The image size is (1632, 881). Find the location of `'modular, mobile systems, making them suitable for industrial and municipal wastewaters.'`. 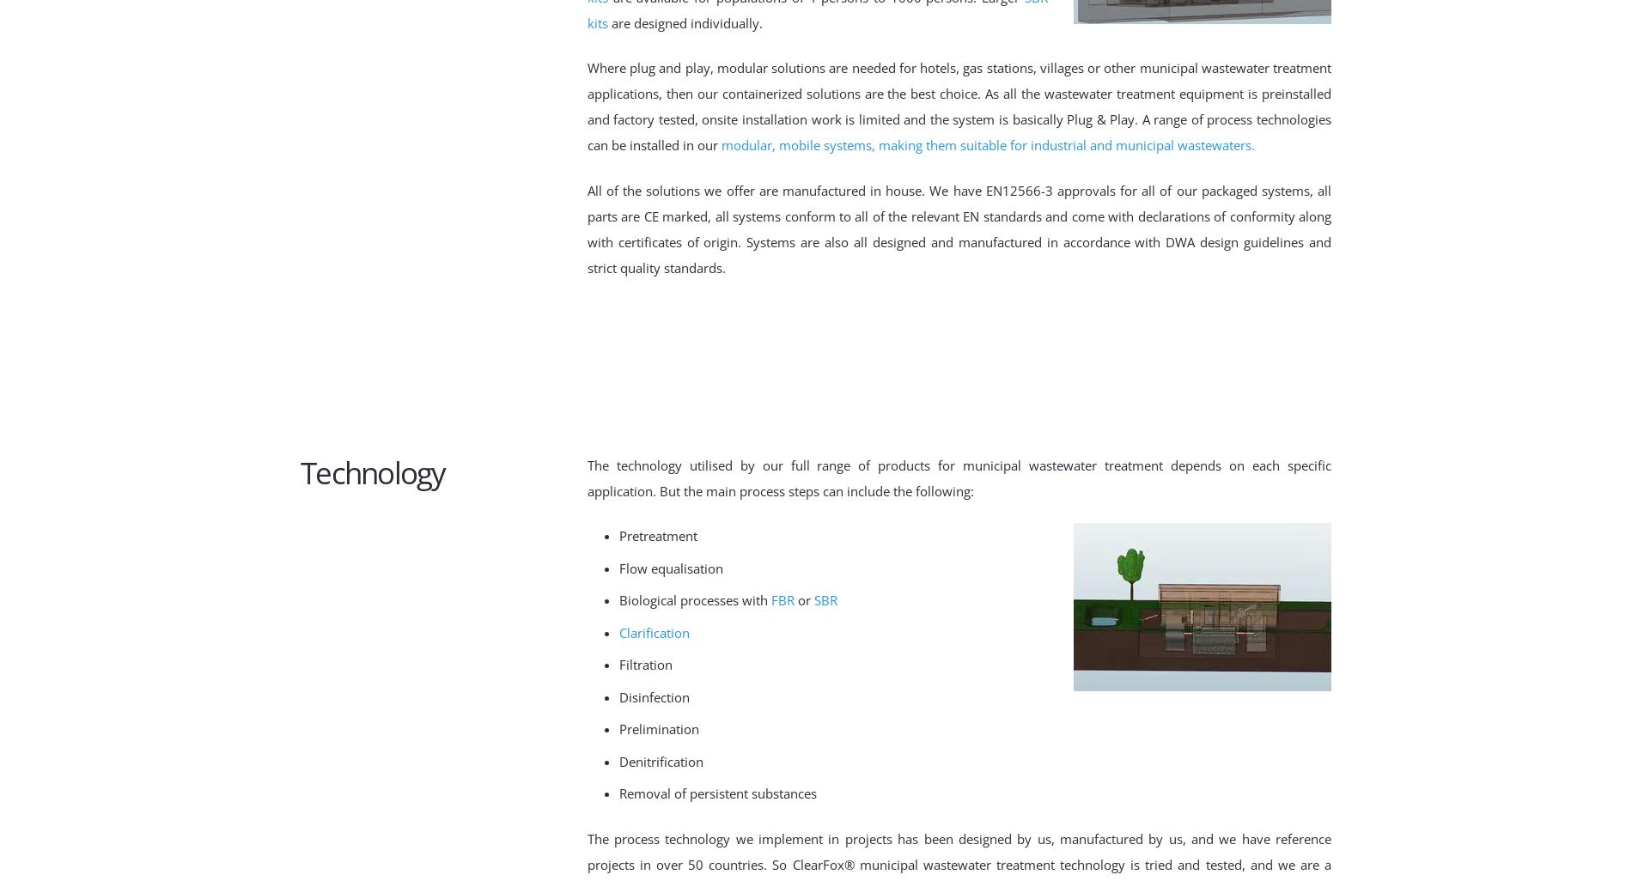

'modular, mobile systems, making them suitable for industrial and municipal wastewaters.' is located at coordinates (989, 143).